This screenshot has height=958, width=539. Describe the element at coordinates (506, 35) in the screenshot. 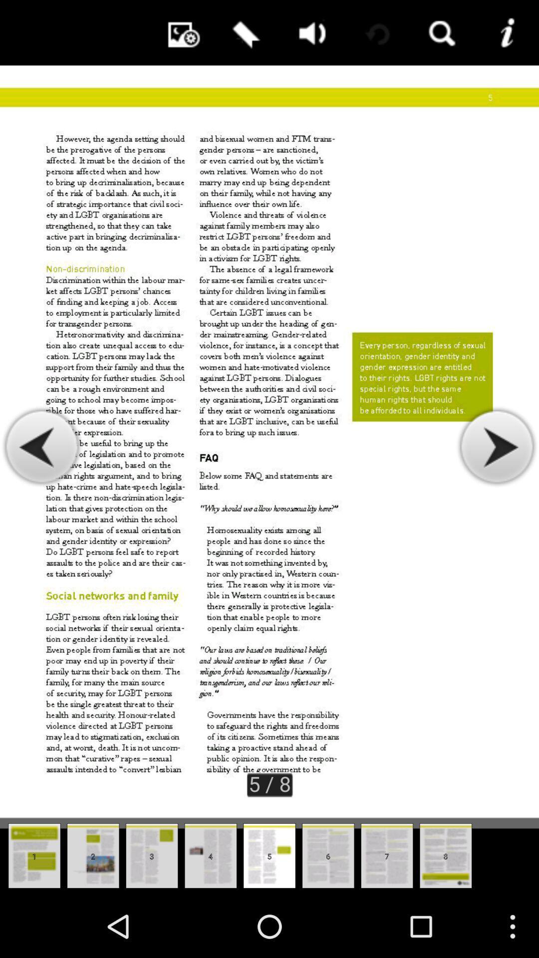

I see `the info icon` at that location.